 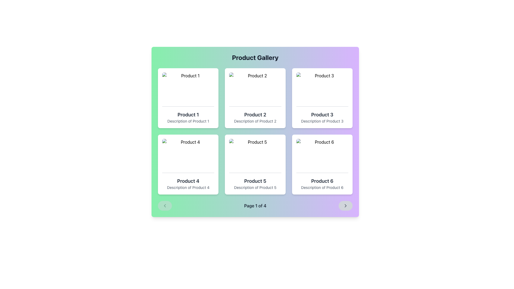 I want to click on the illustrative image component representing 'Product 5' which is centrally located in the second row, fifth column of the grid layout, so click(x=255, y=156).